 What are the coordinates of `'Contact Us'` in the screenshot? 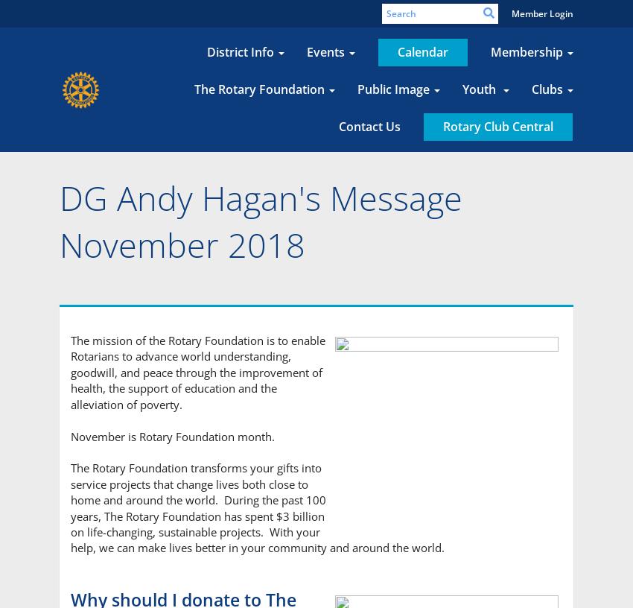 It's located at (369, 126).